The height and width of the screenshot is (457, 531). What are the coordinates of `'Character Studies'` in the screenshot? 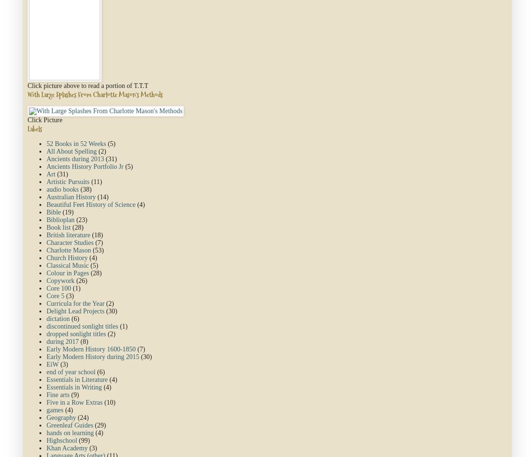 It's located at (47, 243).